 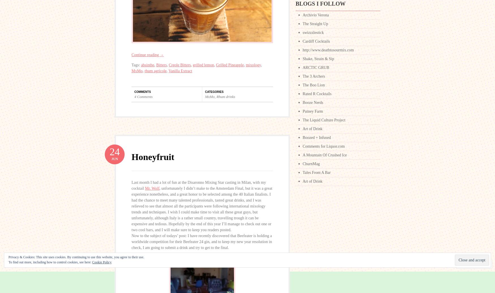 I want to click on 'To find out more, including how to control cookies, see here:', so click(x=50, y=262).